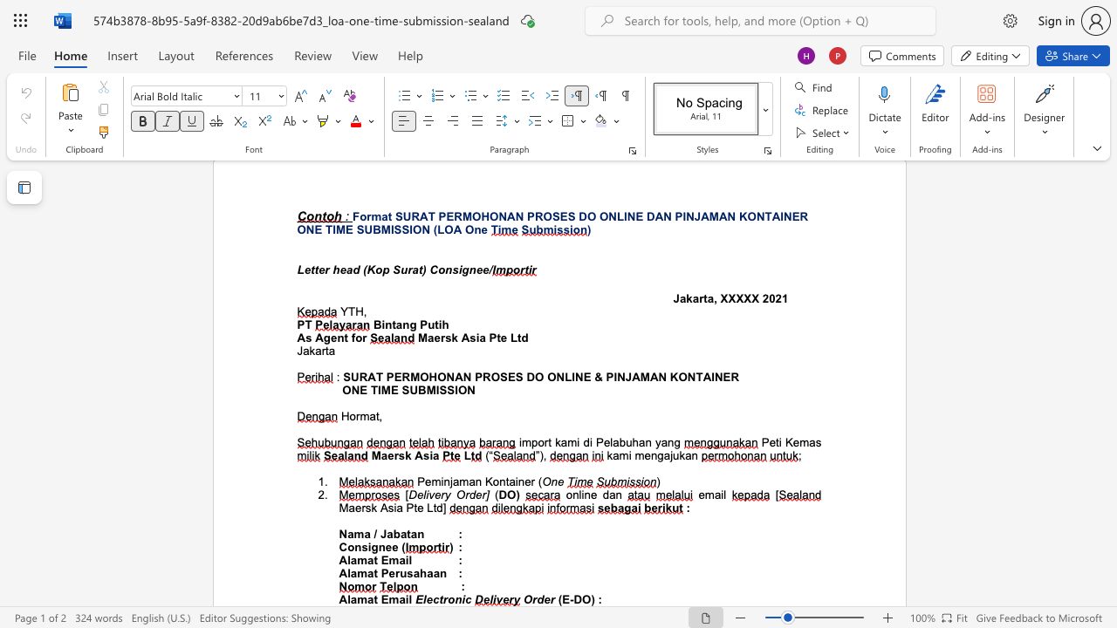 The image size is (1117, 628). Describe the element at coordinates (373, 598) in the screenshot. I see `the subset text "t Emai" within the text "Alamat Email"` at that location.